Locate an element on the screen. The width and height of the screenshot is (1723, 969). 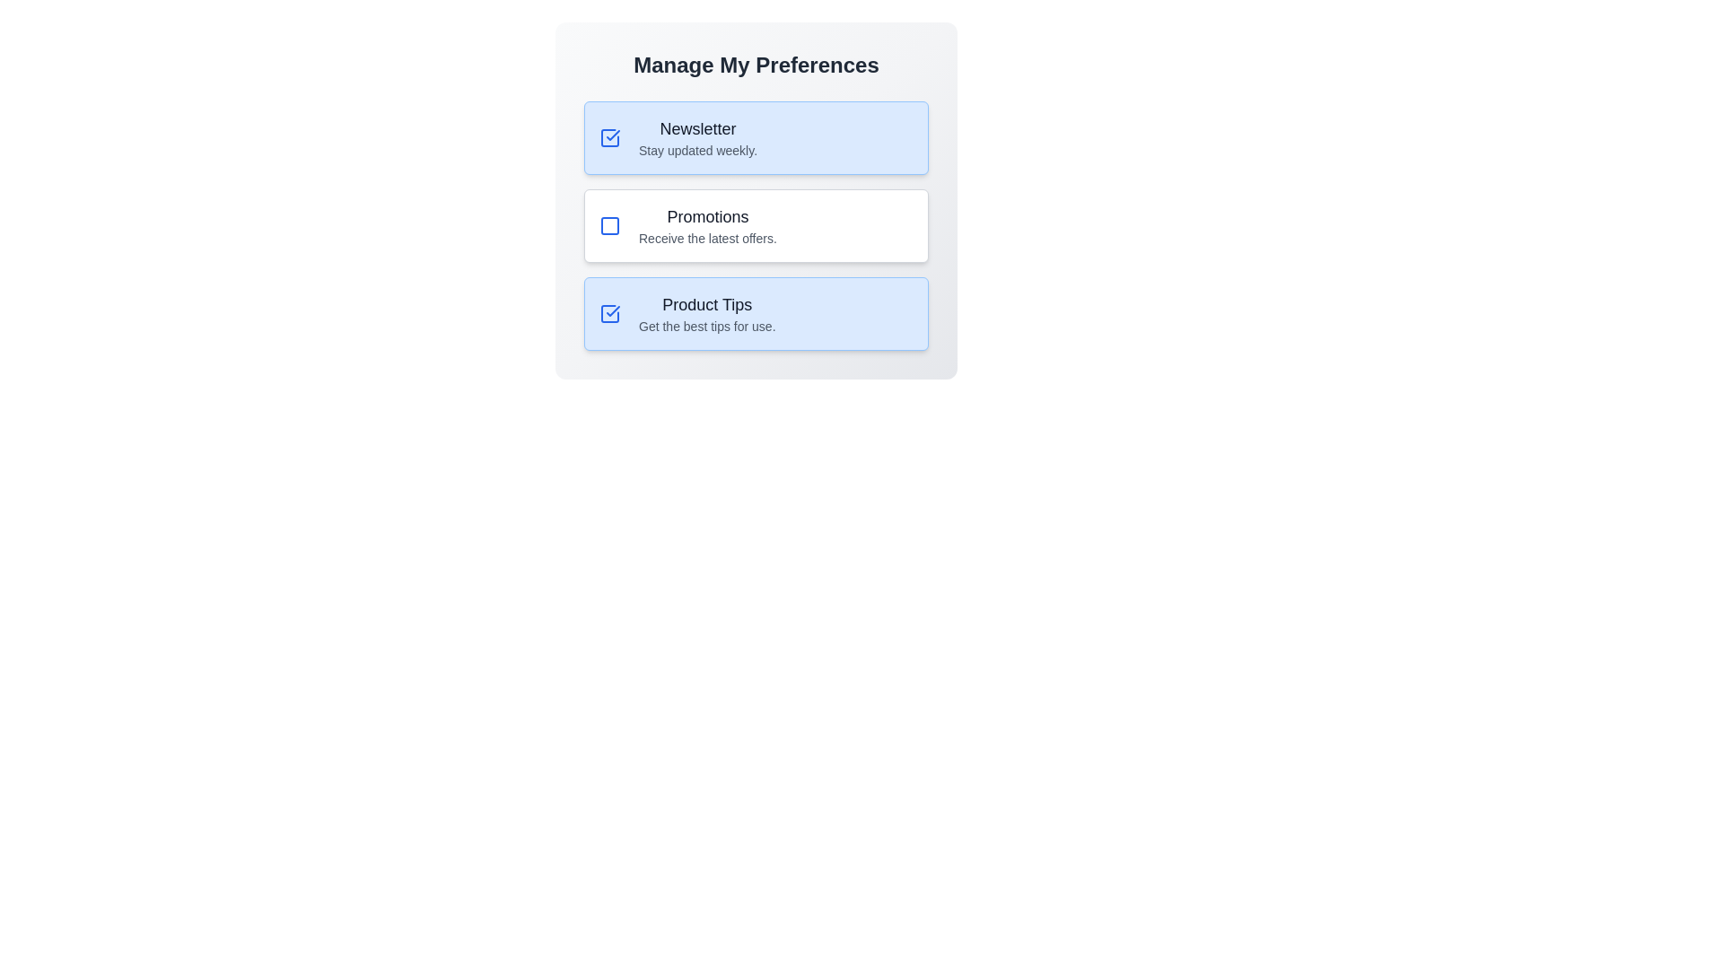
the checkmark symbol of the SVG-based checkbox for the 'Product Tips' option, located at the bottom section of the list is located at coordinates (613, 310).